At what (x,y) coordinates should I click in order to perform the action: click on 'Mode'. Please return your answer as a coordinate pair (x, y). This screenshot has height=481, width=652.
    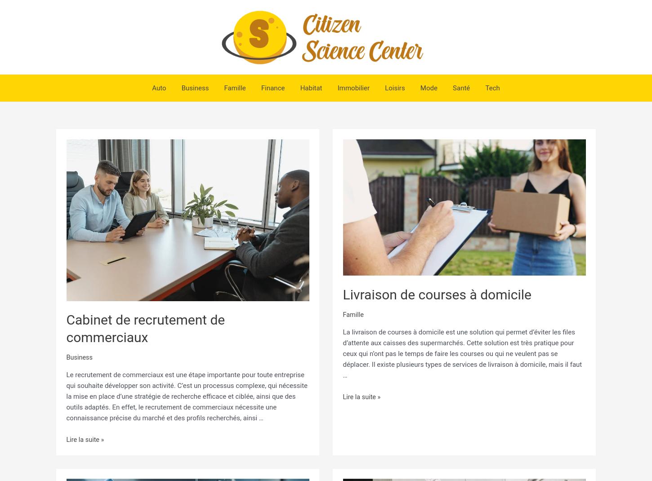
    Looking at the image, I should click on (423, 88).